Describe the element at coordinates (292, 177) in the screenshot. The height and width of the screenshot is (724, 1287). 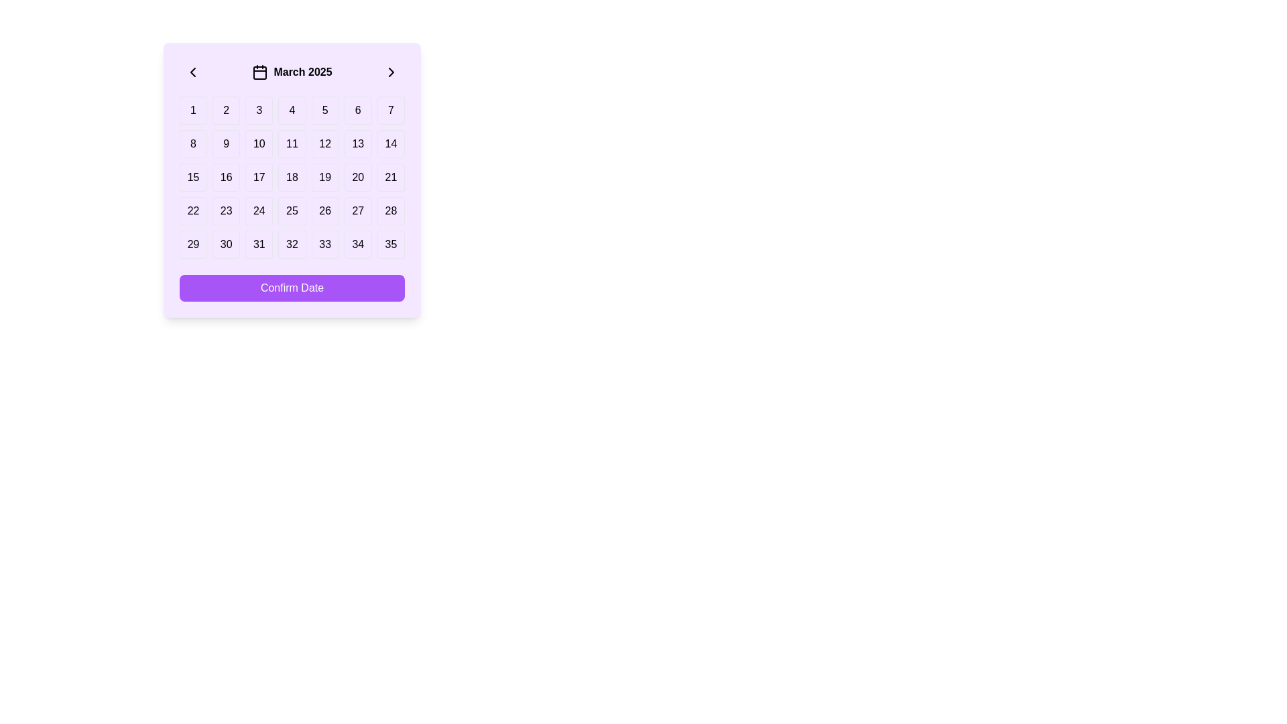
I see `the calendar grid button` at that location.